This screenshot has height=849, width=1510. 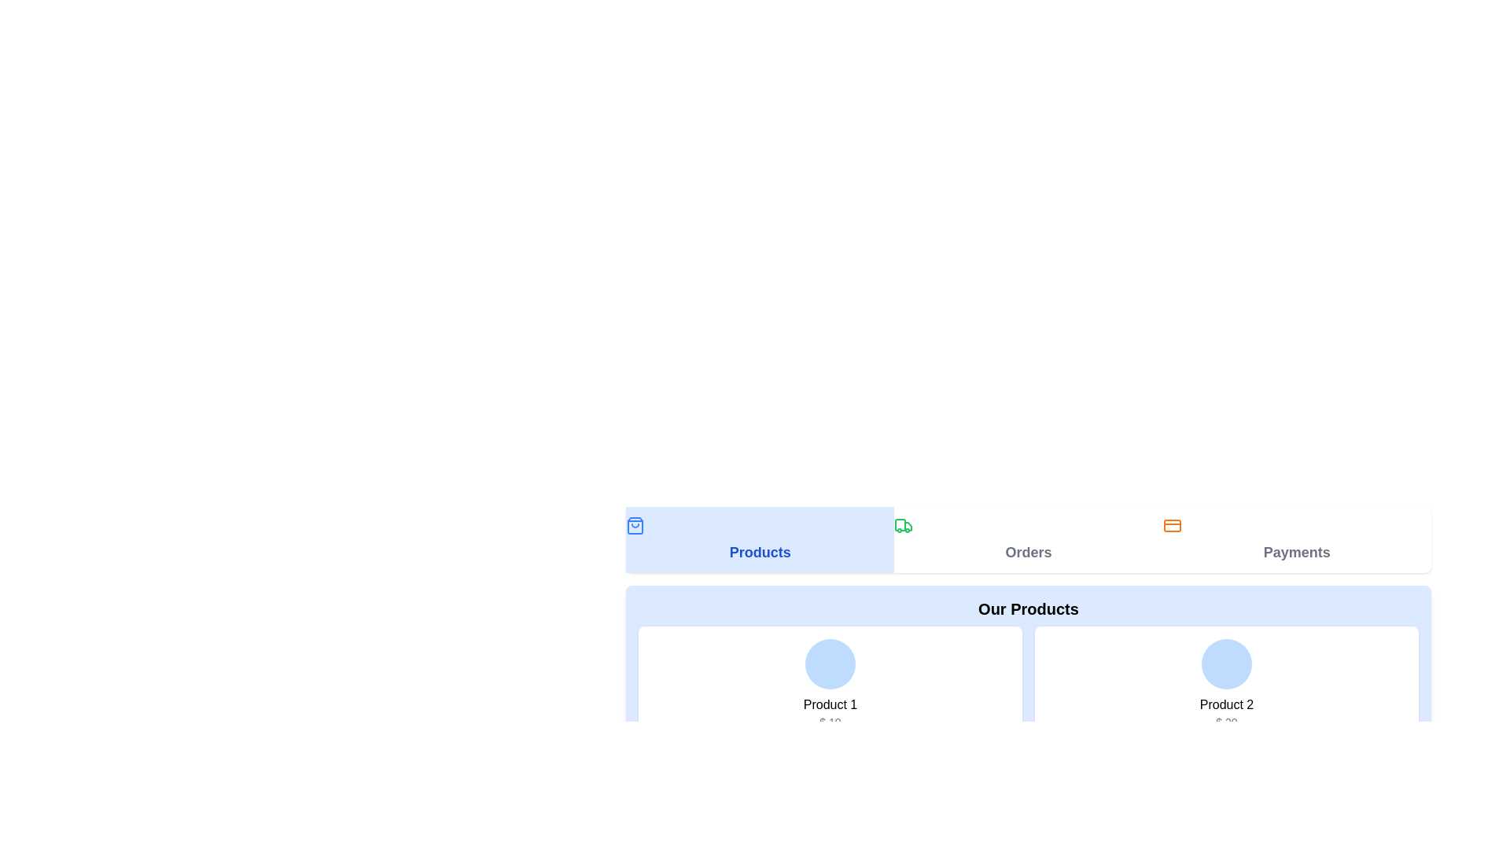 What do you see at coordinates (1172, 525) in the screenshot?
I see `the orange credit card icon located in the 'Payments' section of the navigation bar, positioned to the right of the 'Orders' section icon and above the 'Payments' label` at bounding box center [1172, 525].